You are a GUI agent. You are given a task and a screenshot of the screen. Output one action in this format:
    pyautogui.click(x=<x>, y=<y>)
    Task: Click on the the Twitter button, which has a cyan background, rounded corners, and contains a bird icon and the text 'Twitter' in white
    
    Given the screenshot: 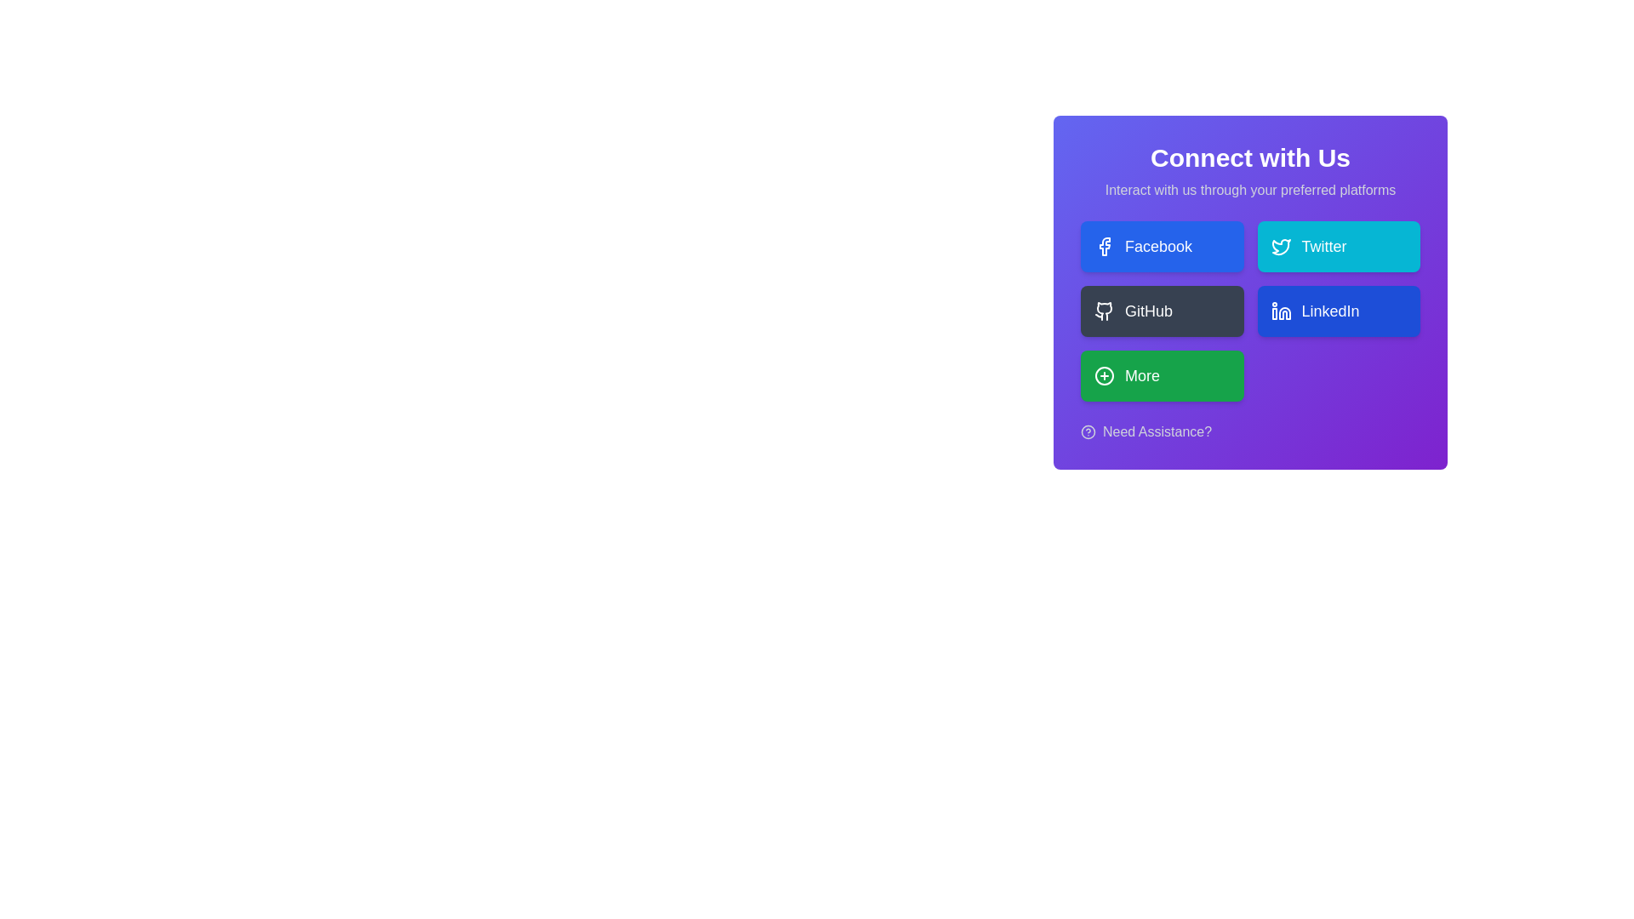 What is the action you would take?
    pyautogui.click(x=1338, y=246)
    